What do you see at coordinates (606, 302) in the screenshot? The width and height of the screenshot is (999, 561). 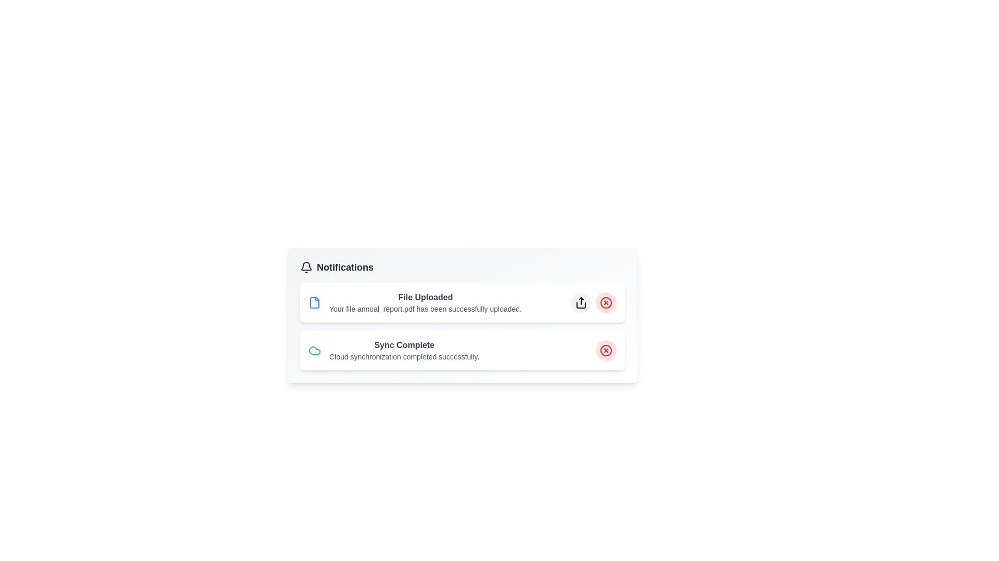 I see `the dismiss button located at the top-right corner of the 'File Uploaded' notification card` at bounding box center [606, 302].